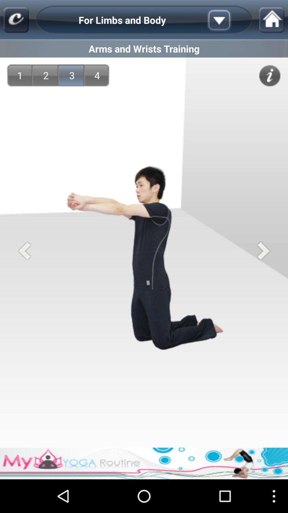  I want to click on the 3, so click(72, 75).